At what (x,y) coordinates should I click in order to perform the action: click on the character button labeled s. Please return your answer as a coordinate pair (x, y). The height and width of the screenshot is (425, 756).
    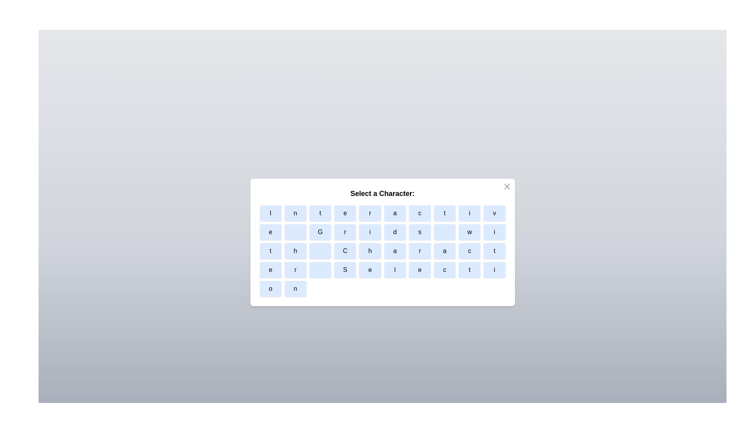
    Looking at the image, I should click on (419, 232).